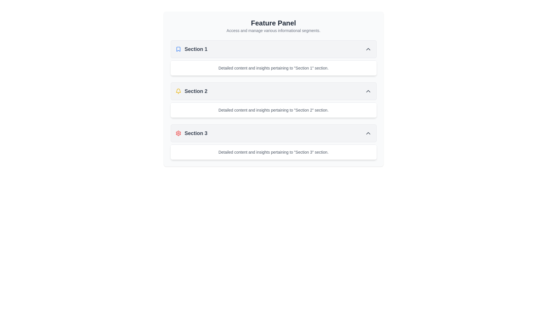  What do you see at coordinates (196, 49) in the screenshot?
I see `the text label or header displaying 'Section 1' in bold dark gray font, indicating its importance as a section header, which is located at the top of a list of section headers in the 'Feature Panel' interface` at bounding box center [196, 49].